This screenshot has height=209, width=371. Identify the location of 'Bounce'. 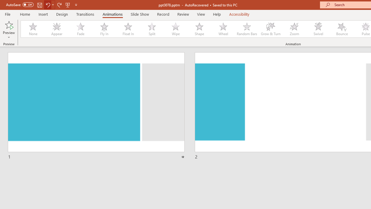
(342, 29).